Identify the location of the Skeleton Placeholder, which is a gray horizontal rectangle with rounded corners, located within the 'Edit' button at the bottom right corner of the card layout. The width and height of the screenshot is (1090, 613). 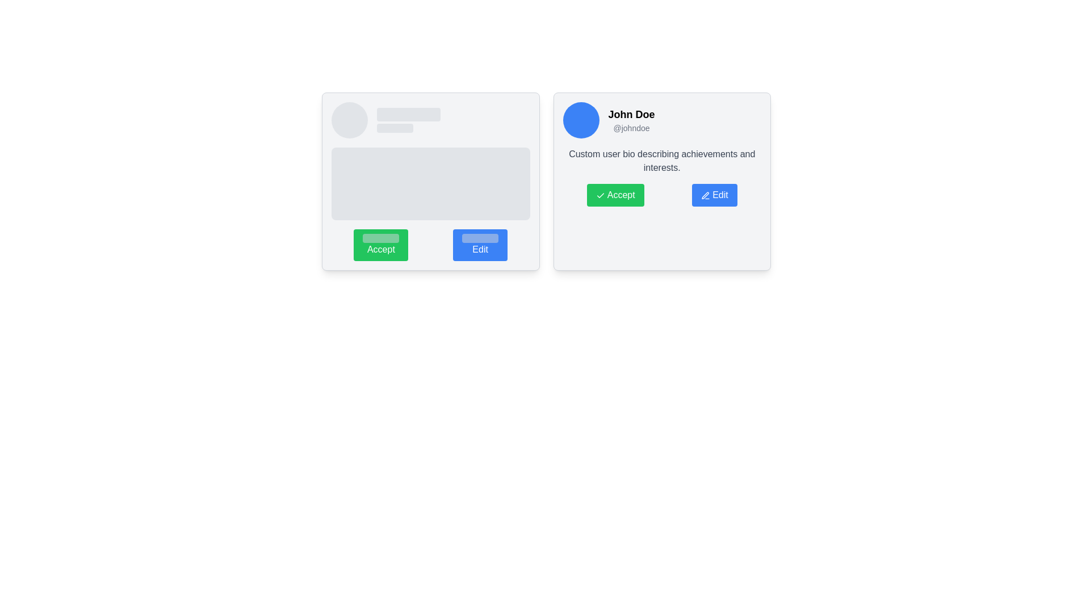
(480, 238).